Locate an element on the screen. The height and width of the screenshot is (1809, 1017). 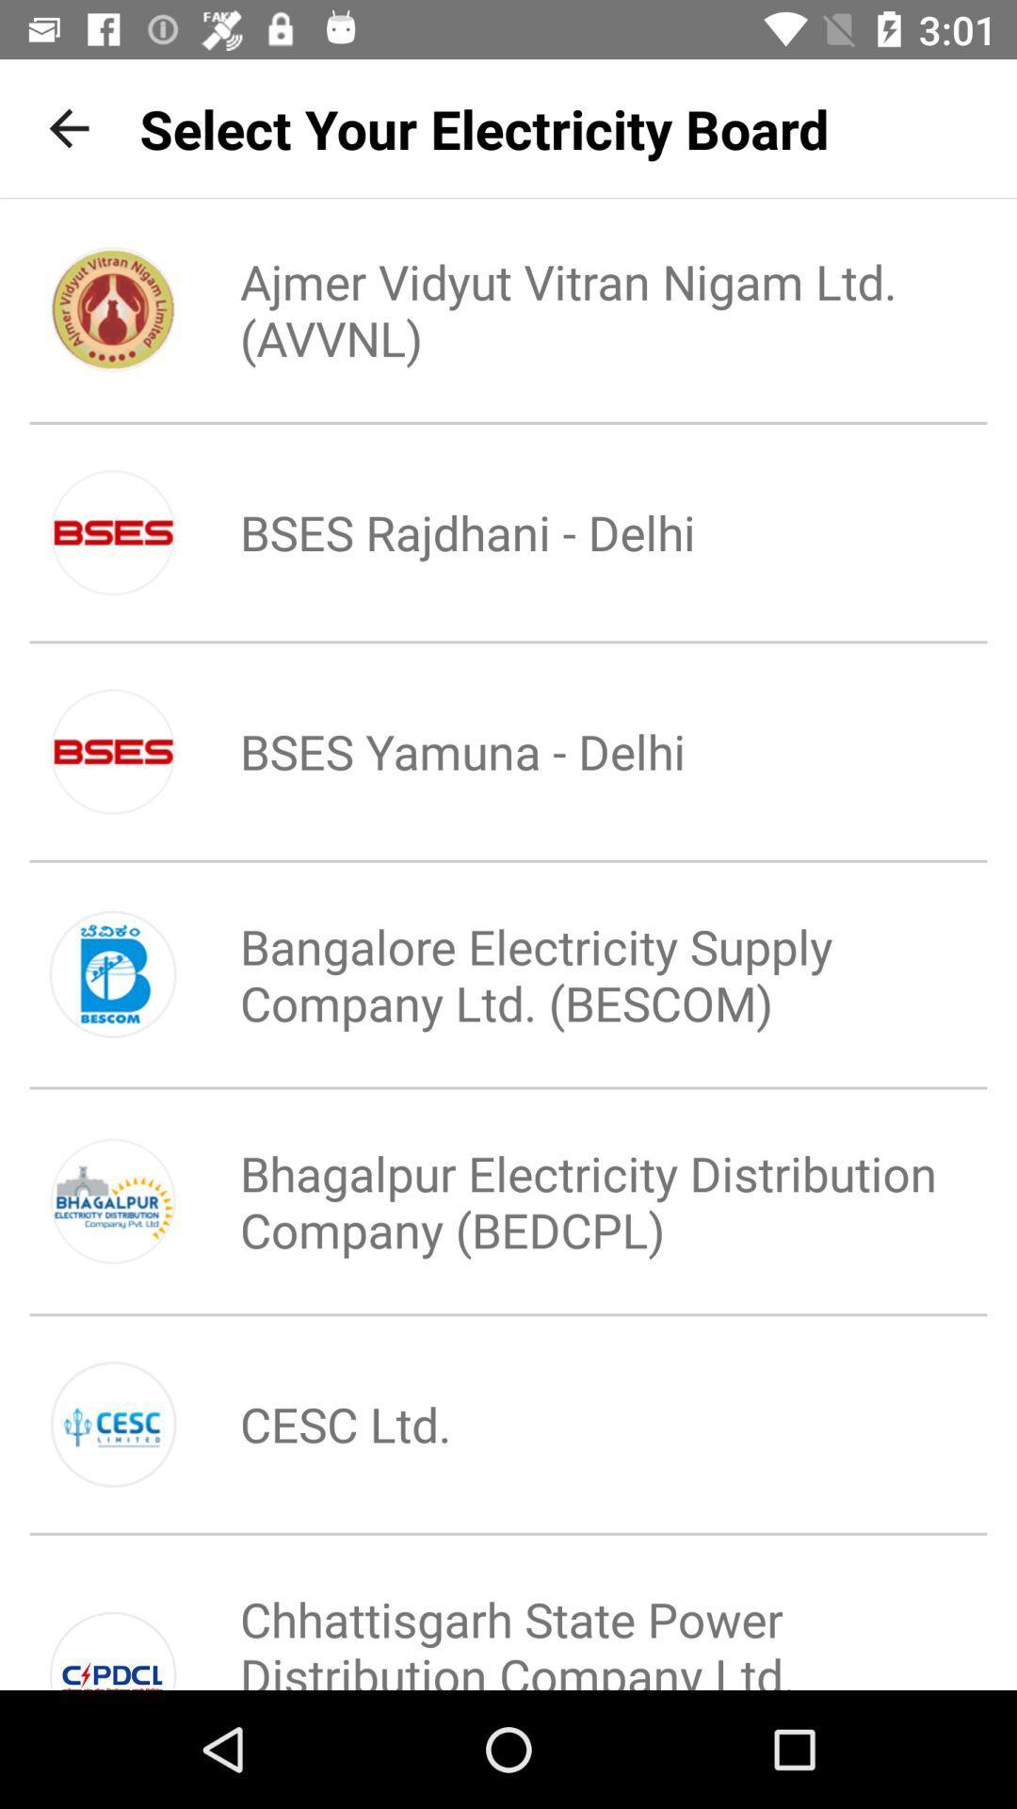
the icon above bhagalpur electricity distribution is located at coordinates (571, 974).